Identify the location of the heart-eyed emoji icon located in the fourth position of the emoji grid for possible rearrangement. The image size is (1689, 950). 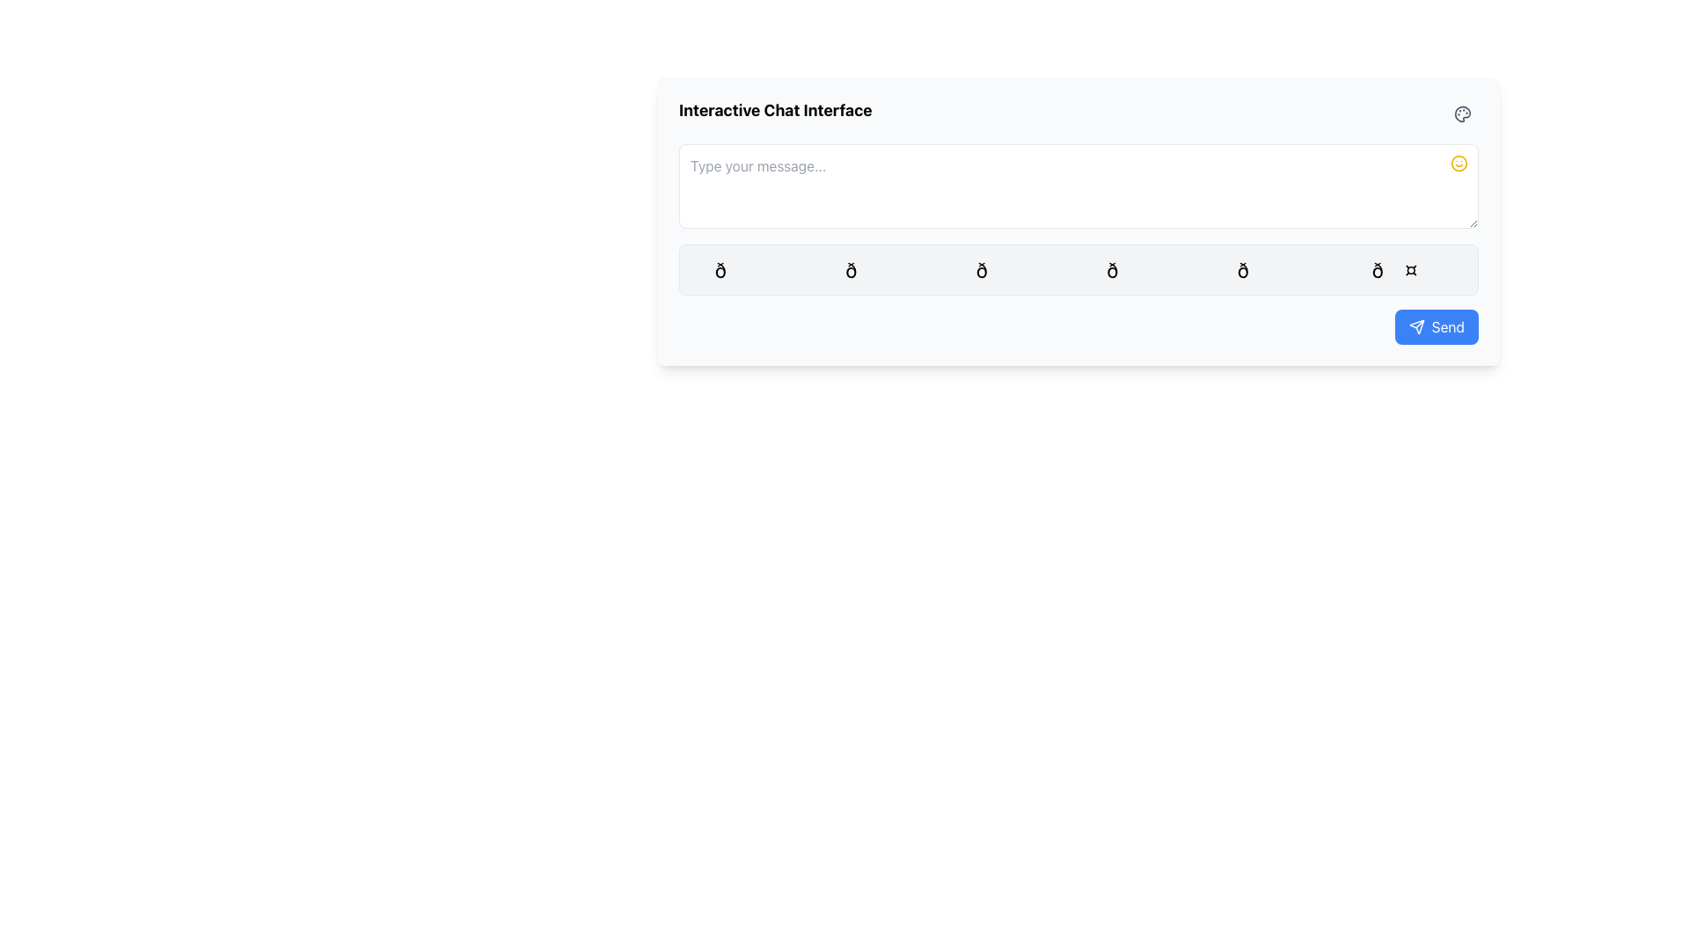
(1144, 270).